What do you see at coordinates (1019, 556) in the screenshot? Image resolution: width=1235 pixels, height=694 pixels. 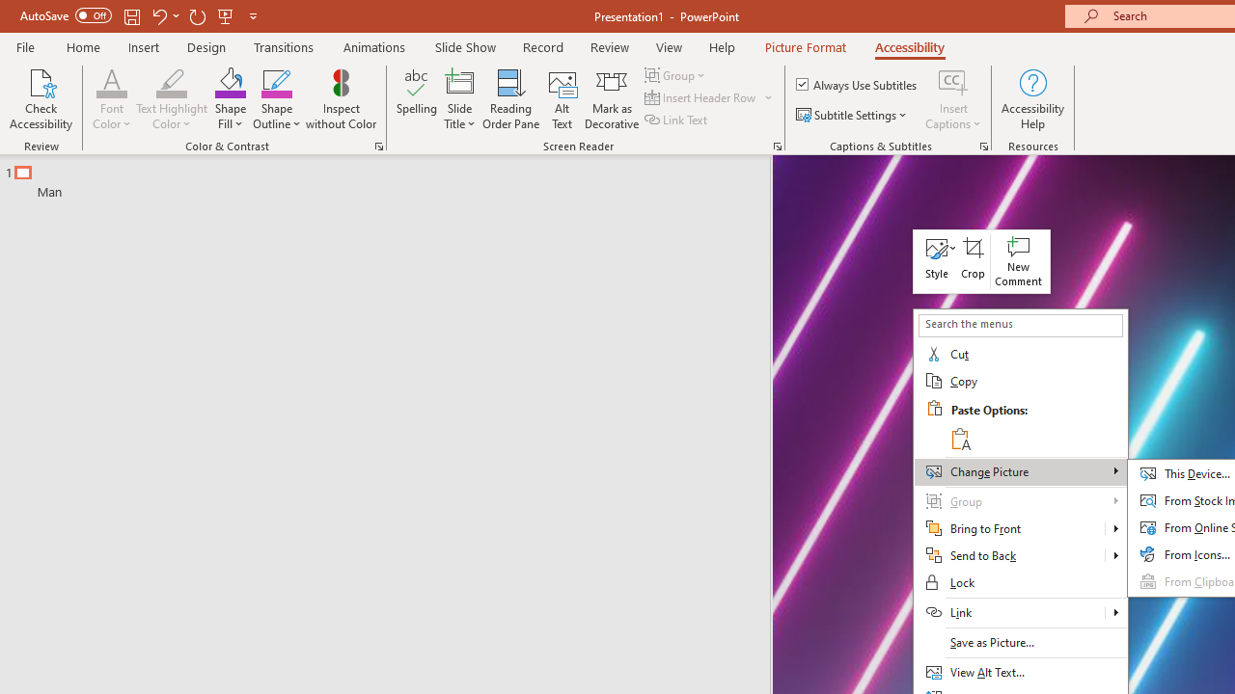 I see `'Send to Back'` at bounding box center [1019, 556].